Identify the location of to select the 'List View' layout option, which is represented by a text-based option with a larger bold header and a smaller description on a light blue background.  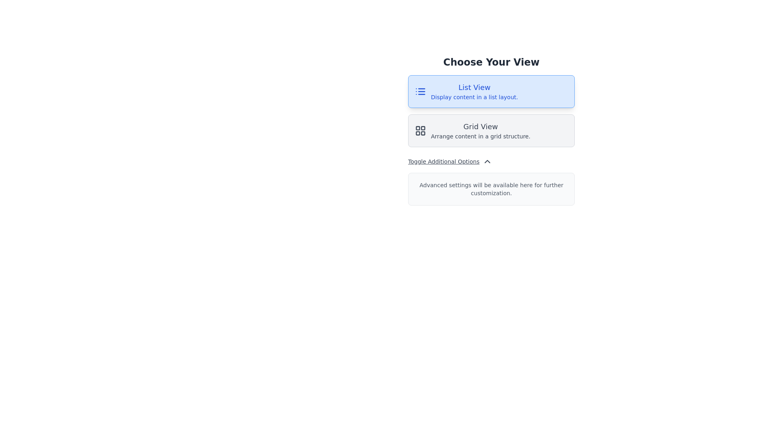
(474, 91).